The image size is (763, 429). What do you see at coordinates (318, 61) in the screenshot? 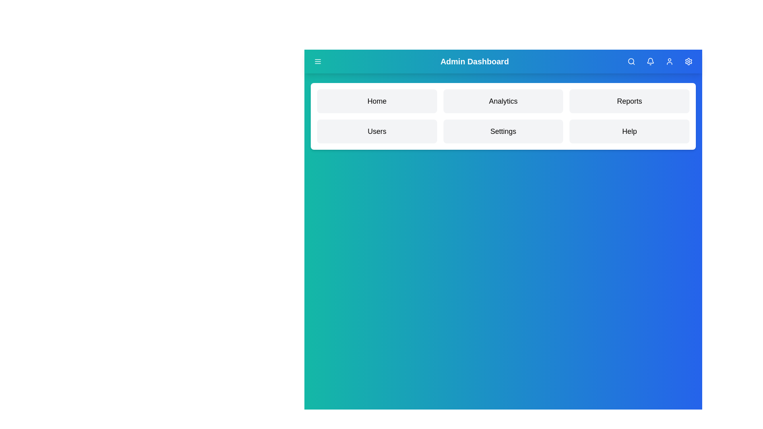
I see `the menu button to toggle the menu's visibility` at bounding box center [318, 61].